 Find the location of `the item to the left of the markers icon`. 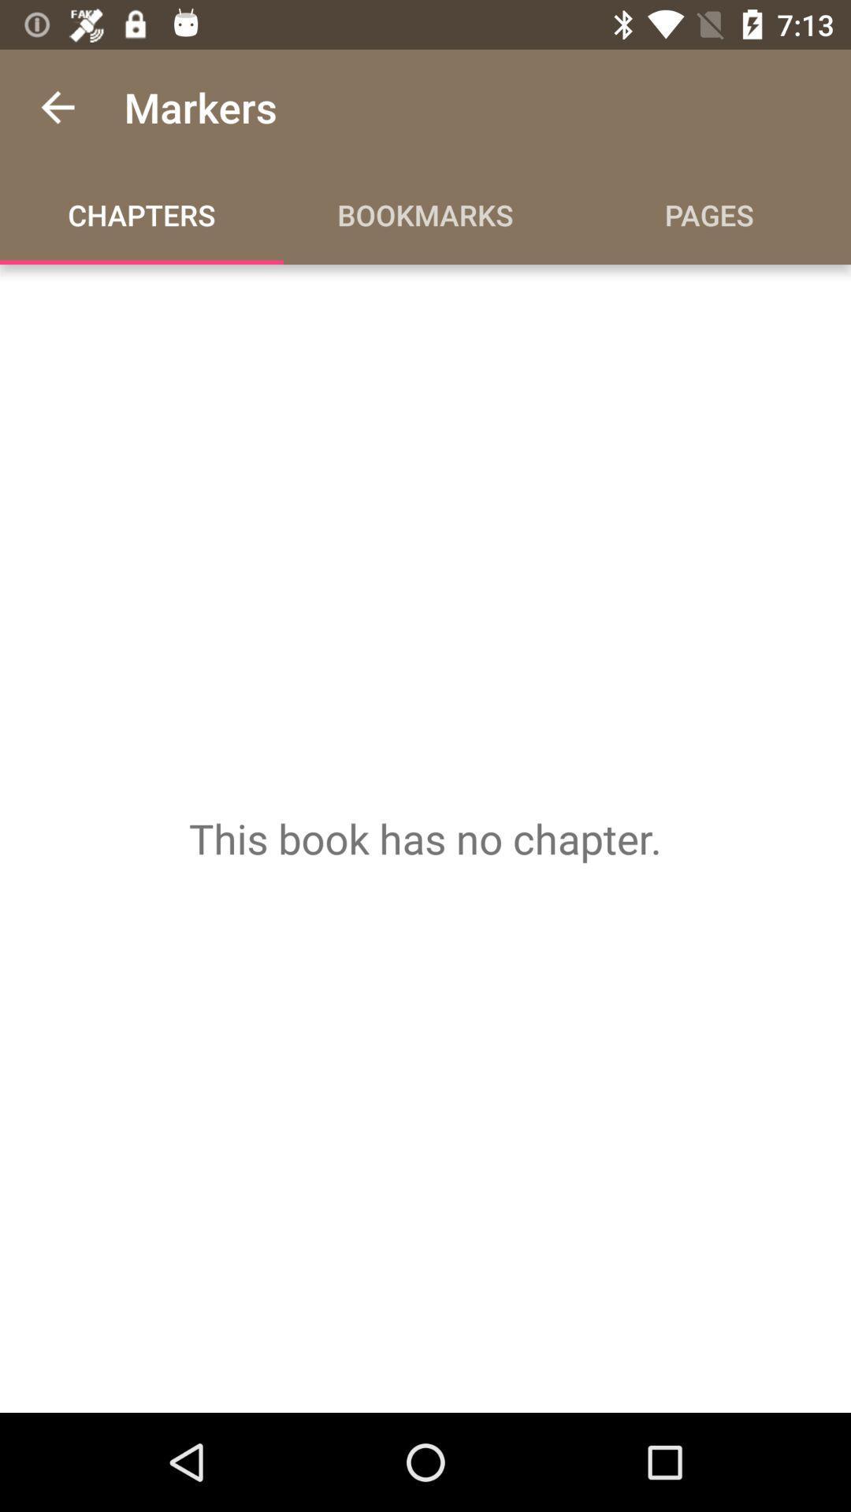

the item to the left of the markers icon is located at coordinates (57, 106).